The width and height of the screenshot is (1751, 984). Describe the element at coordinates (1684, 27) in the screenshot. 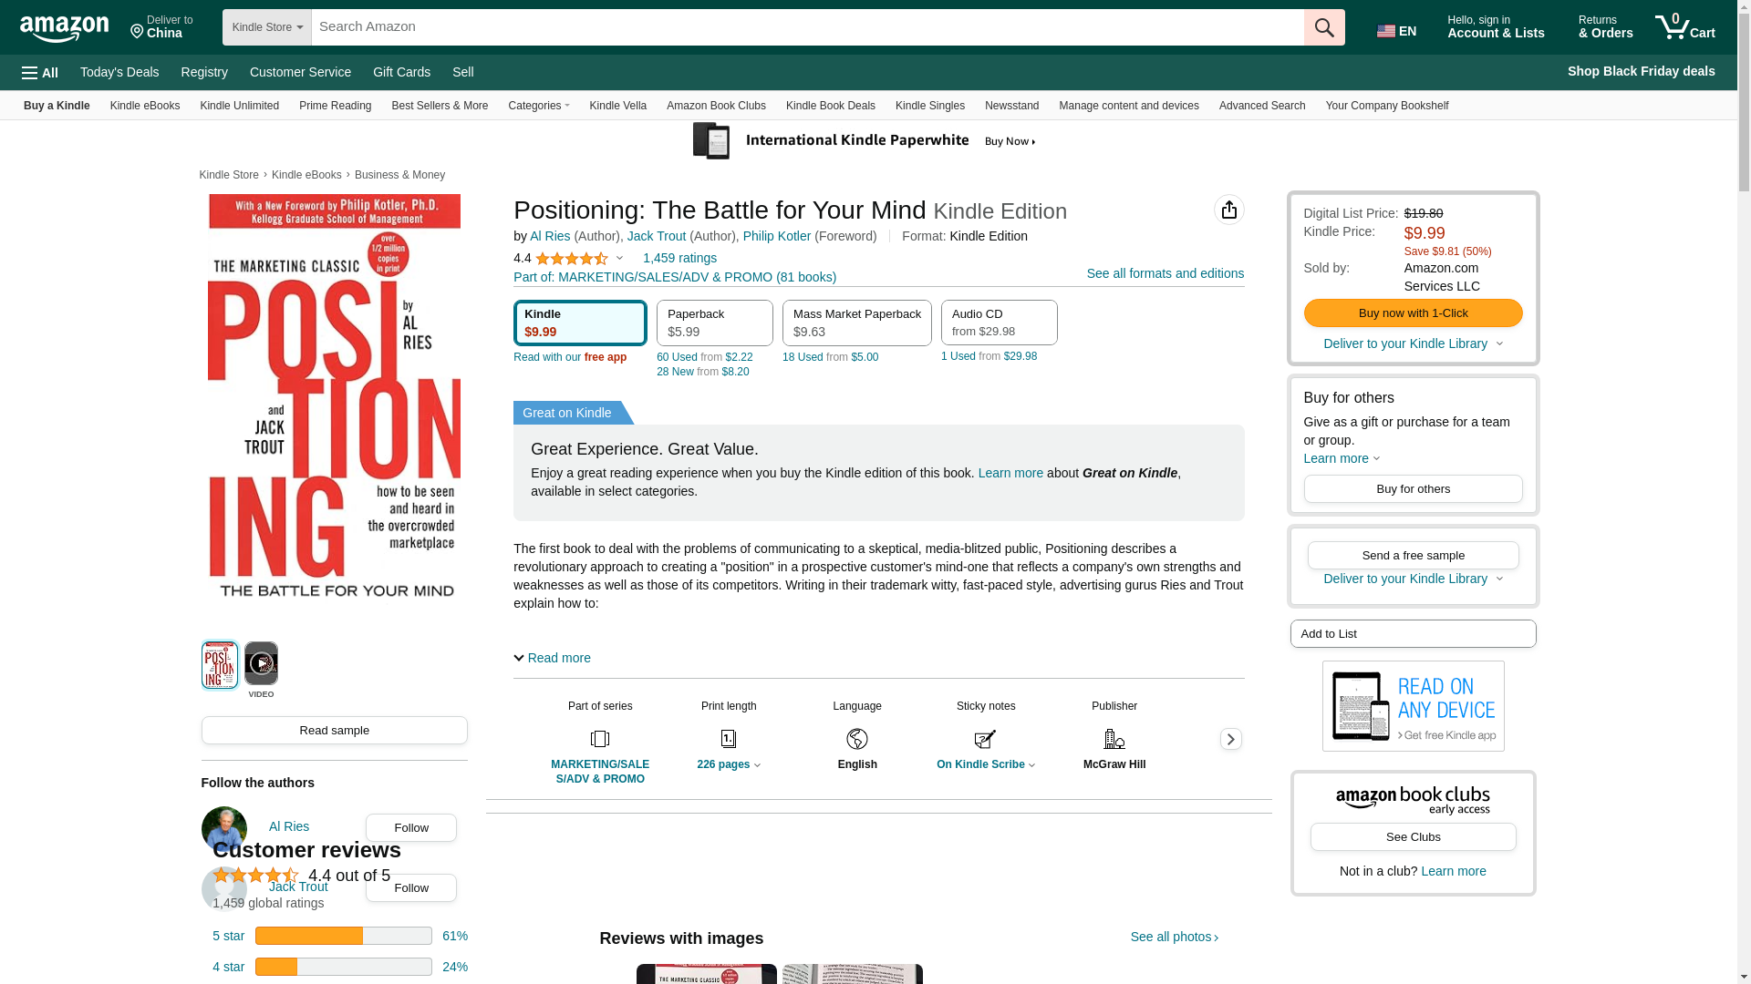

I see `'0` at that location.